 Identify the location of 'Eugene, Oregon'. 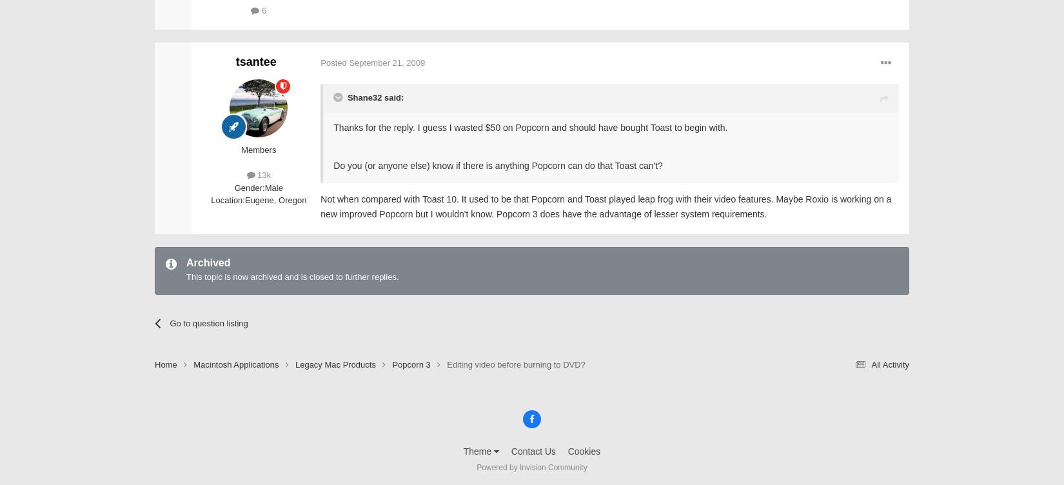
(275, 199).